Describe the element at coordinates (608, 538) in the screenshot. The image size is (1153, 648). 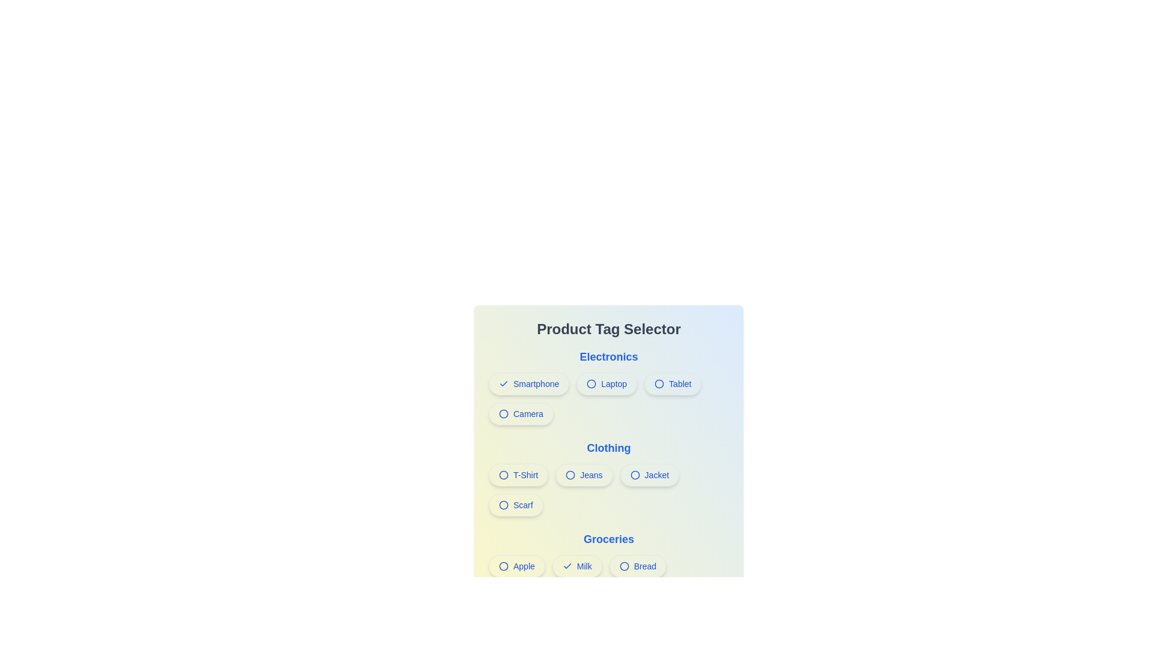
I see `the label indicating the 'Groceries' section, which is positioned under the 'Clothing' section and serves as a section title for related grocery items` at that location.